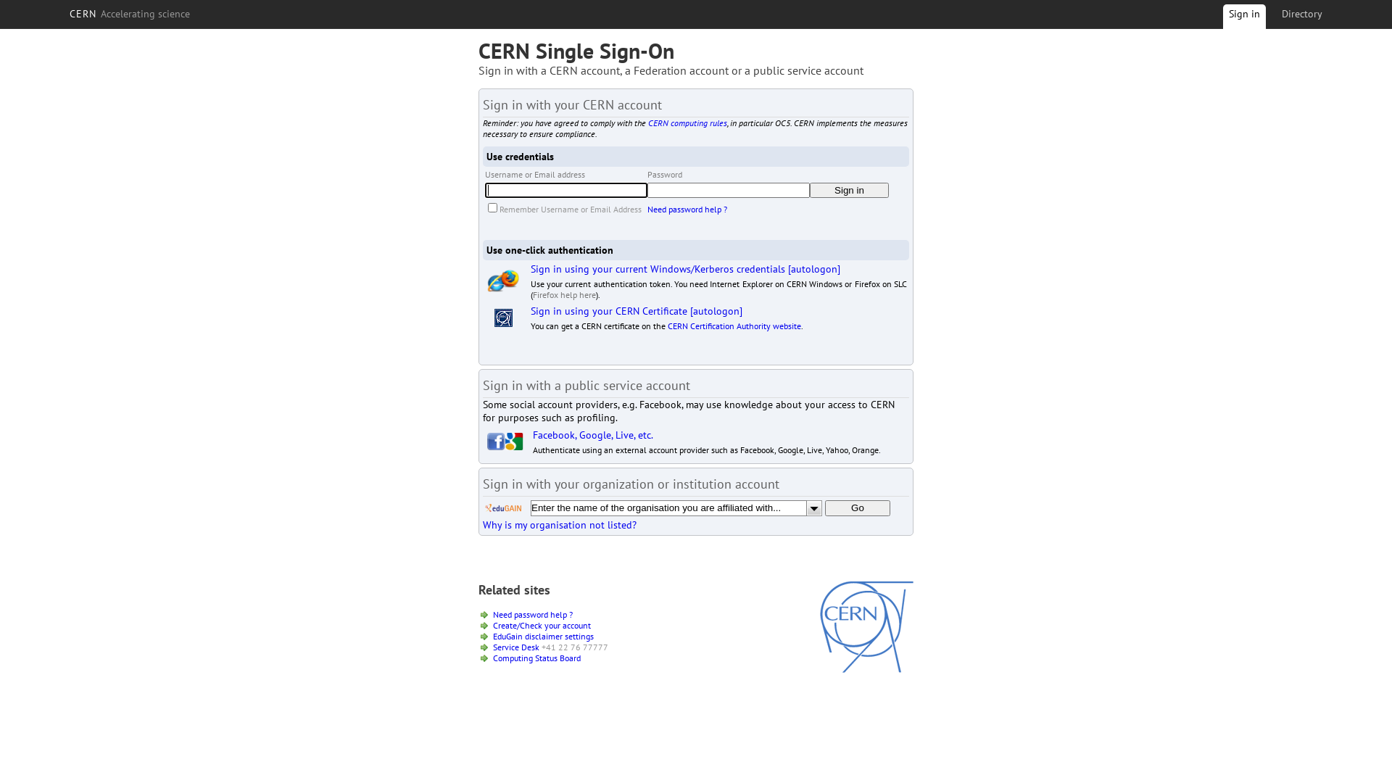  I want to click on '[autologon]', so click(814, 268).